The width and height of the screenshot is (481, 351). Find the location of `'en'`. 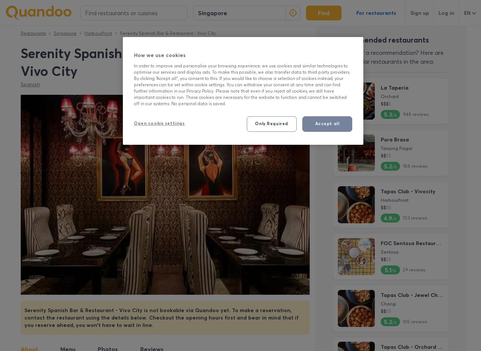

'en' is located at coordinates (467, 13).